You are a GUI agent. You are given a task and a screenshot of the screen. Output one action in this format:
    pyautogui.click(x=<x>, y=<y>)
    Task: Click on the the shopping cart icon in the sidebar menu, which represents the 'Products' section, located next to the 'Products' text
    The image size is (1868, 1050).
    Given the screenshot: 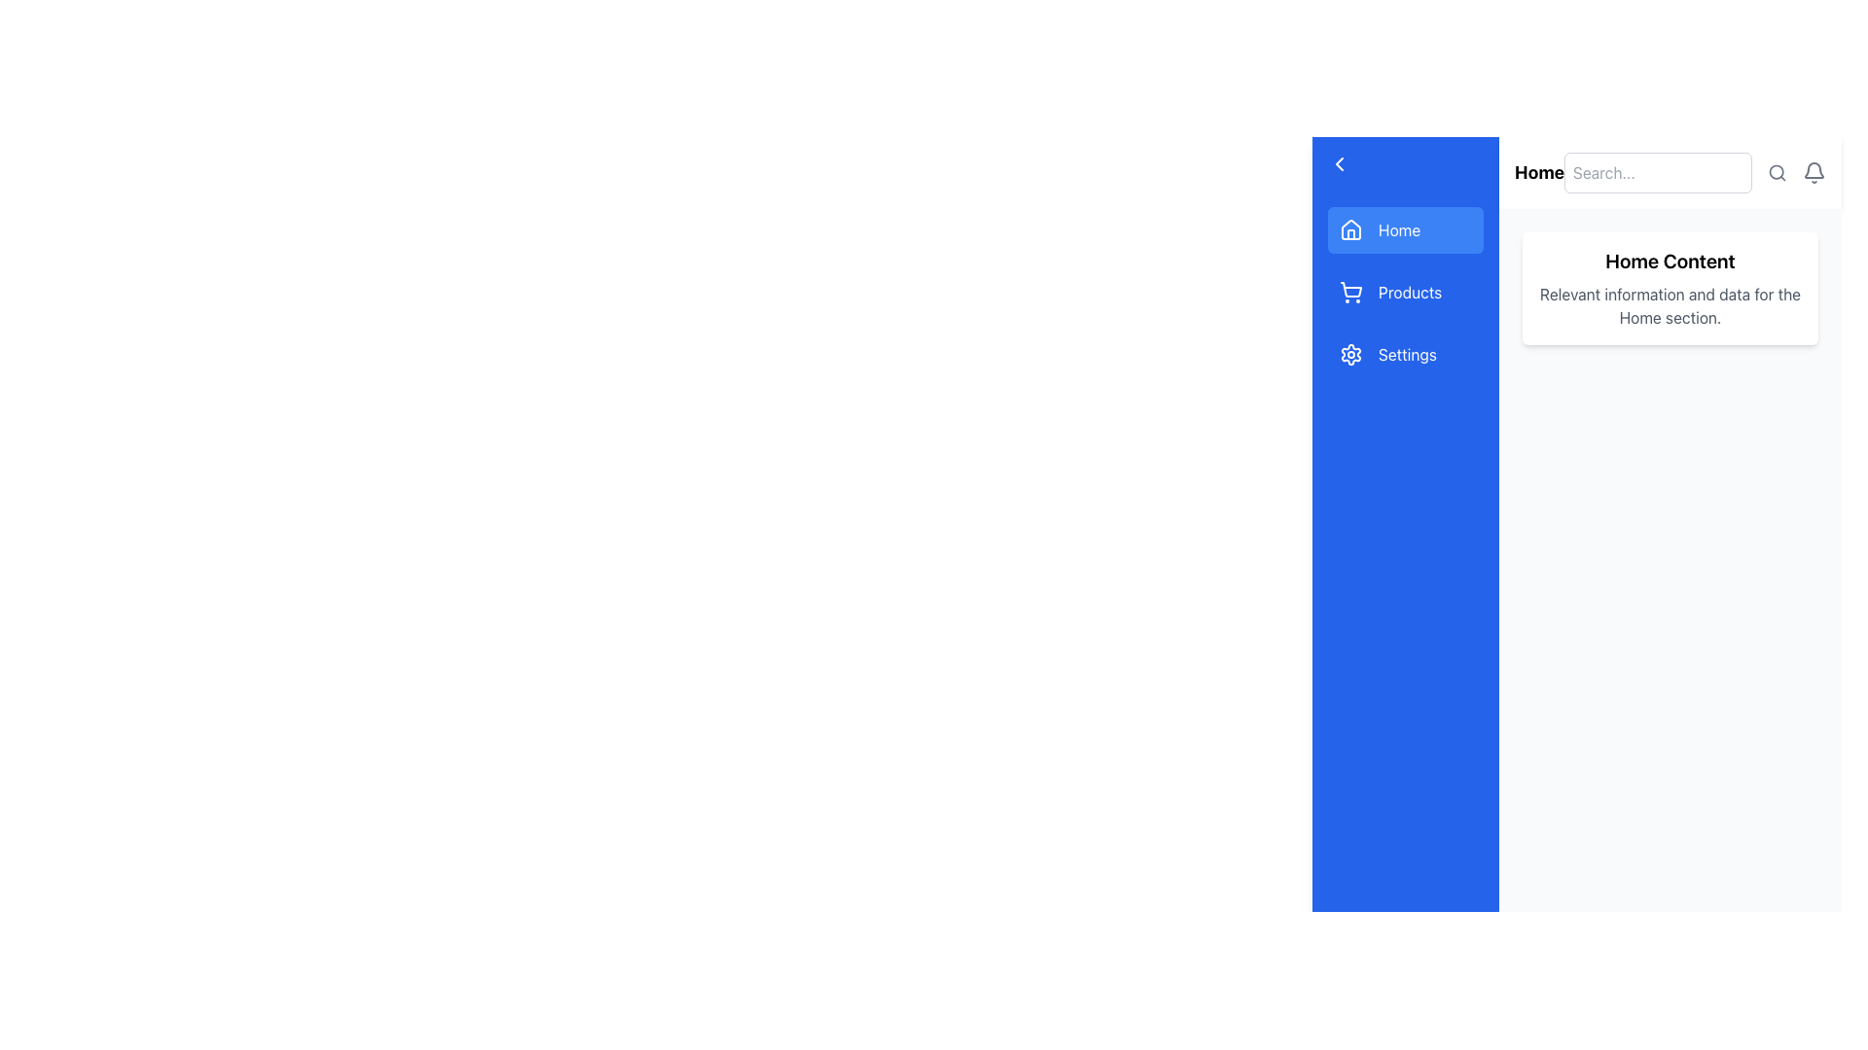 What is the action you would take?
    pyautogui.click(x=1349, y=289)
    